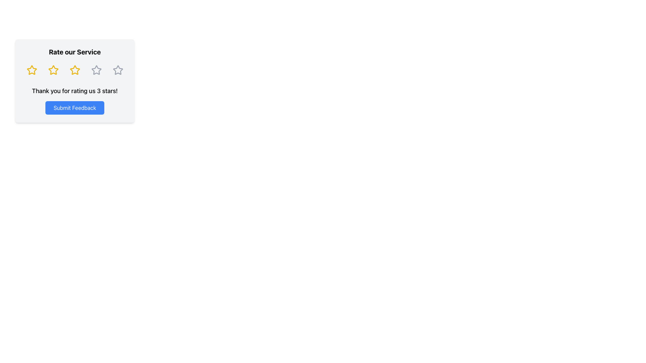 The height and width of the screenshot is (363, 646). What do you see at coordinates (31, 70) in the screenshot?
I see `the first star icon in the rating row` at bounding box center [31, 70].